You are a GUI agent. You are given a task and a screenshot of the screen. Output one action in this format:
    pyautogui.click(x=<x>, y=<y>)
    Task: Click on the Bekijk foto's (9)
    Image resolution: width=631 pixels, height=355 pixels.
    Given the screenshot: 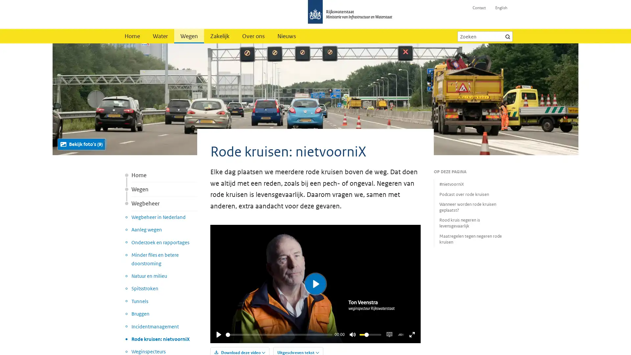 What is the action you would take?
    pyautogui.click(x=81, y=144)
    